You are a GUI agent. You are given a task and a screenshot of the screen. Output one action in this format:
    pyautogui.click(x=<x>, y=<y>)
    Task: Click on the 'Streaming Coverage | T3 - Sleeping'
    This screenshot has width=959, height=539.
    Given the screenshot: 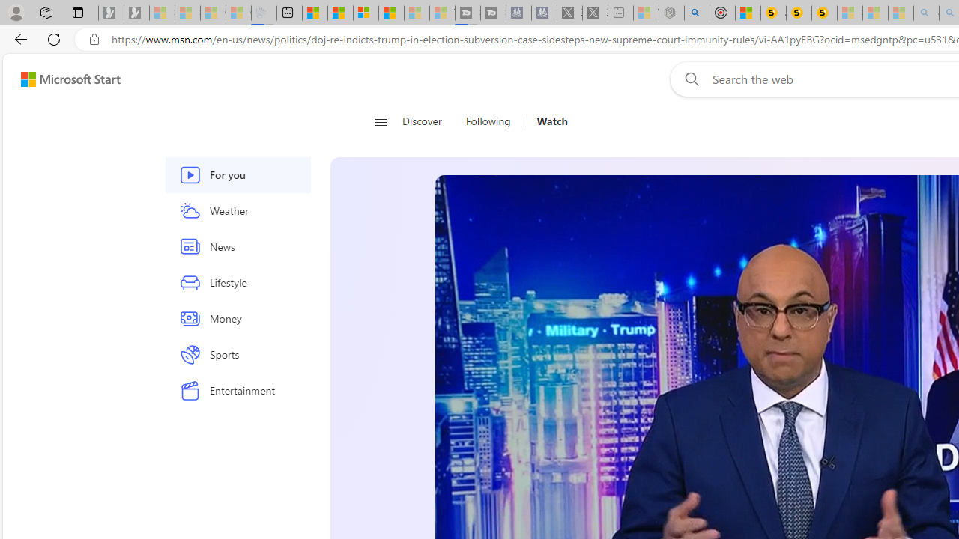 What is the action you would take?
    pyautogui.click(x=467, y=13)
    